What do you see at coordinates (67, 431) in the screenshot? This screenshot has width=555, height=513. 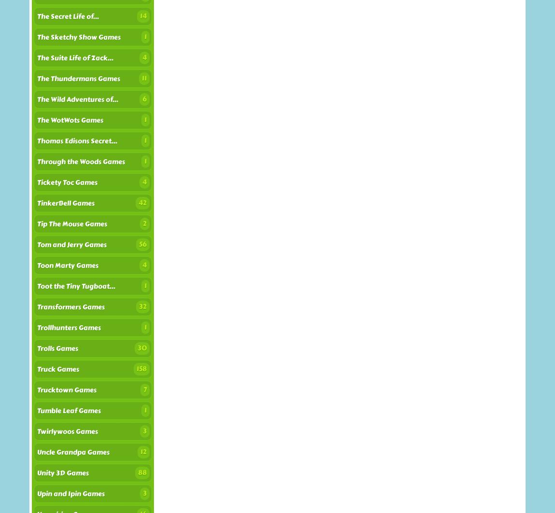 I see `'Twirlywoos Games'` at bounding box center [67, 431].